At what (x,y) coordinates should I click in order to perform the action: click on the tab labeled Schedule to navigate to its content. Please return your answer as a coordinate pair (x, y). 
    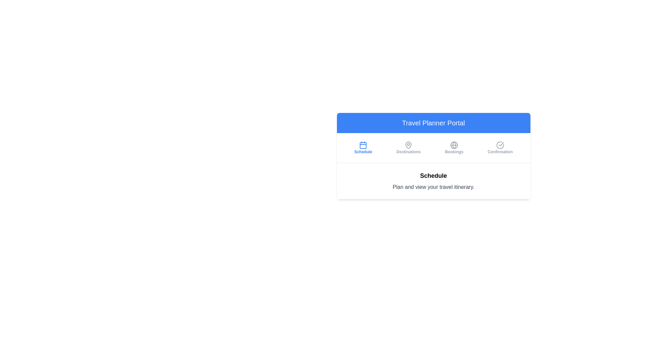
    Looking at the image, I should click on (363, 147).